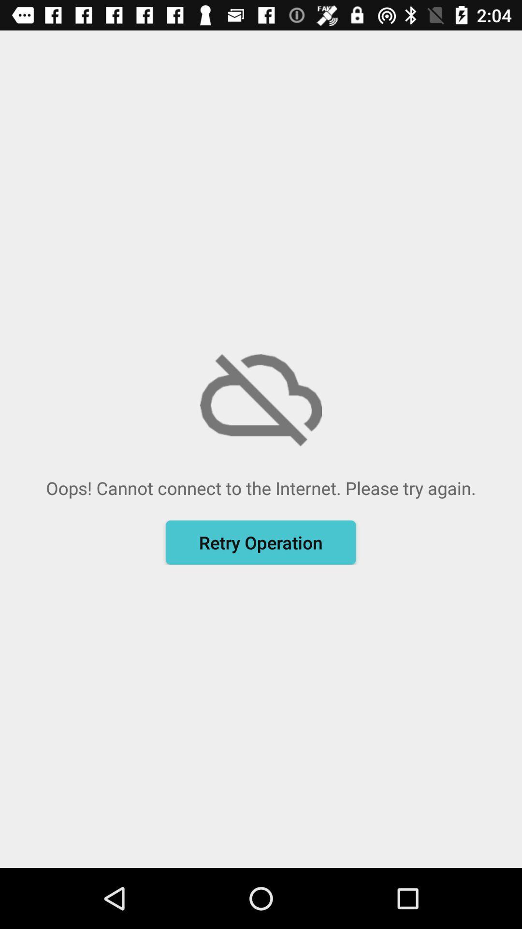 The image size is (522, 929). What do you see at coordinates (260, 542) in the screenshot?
I see `the retry operation` at bounding box center [260, 542].